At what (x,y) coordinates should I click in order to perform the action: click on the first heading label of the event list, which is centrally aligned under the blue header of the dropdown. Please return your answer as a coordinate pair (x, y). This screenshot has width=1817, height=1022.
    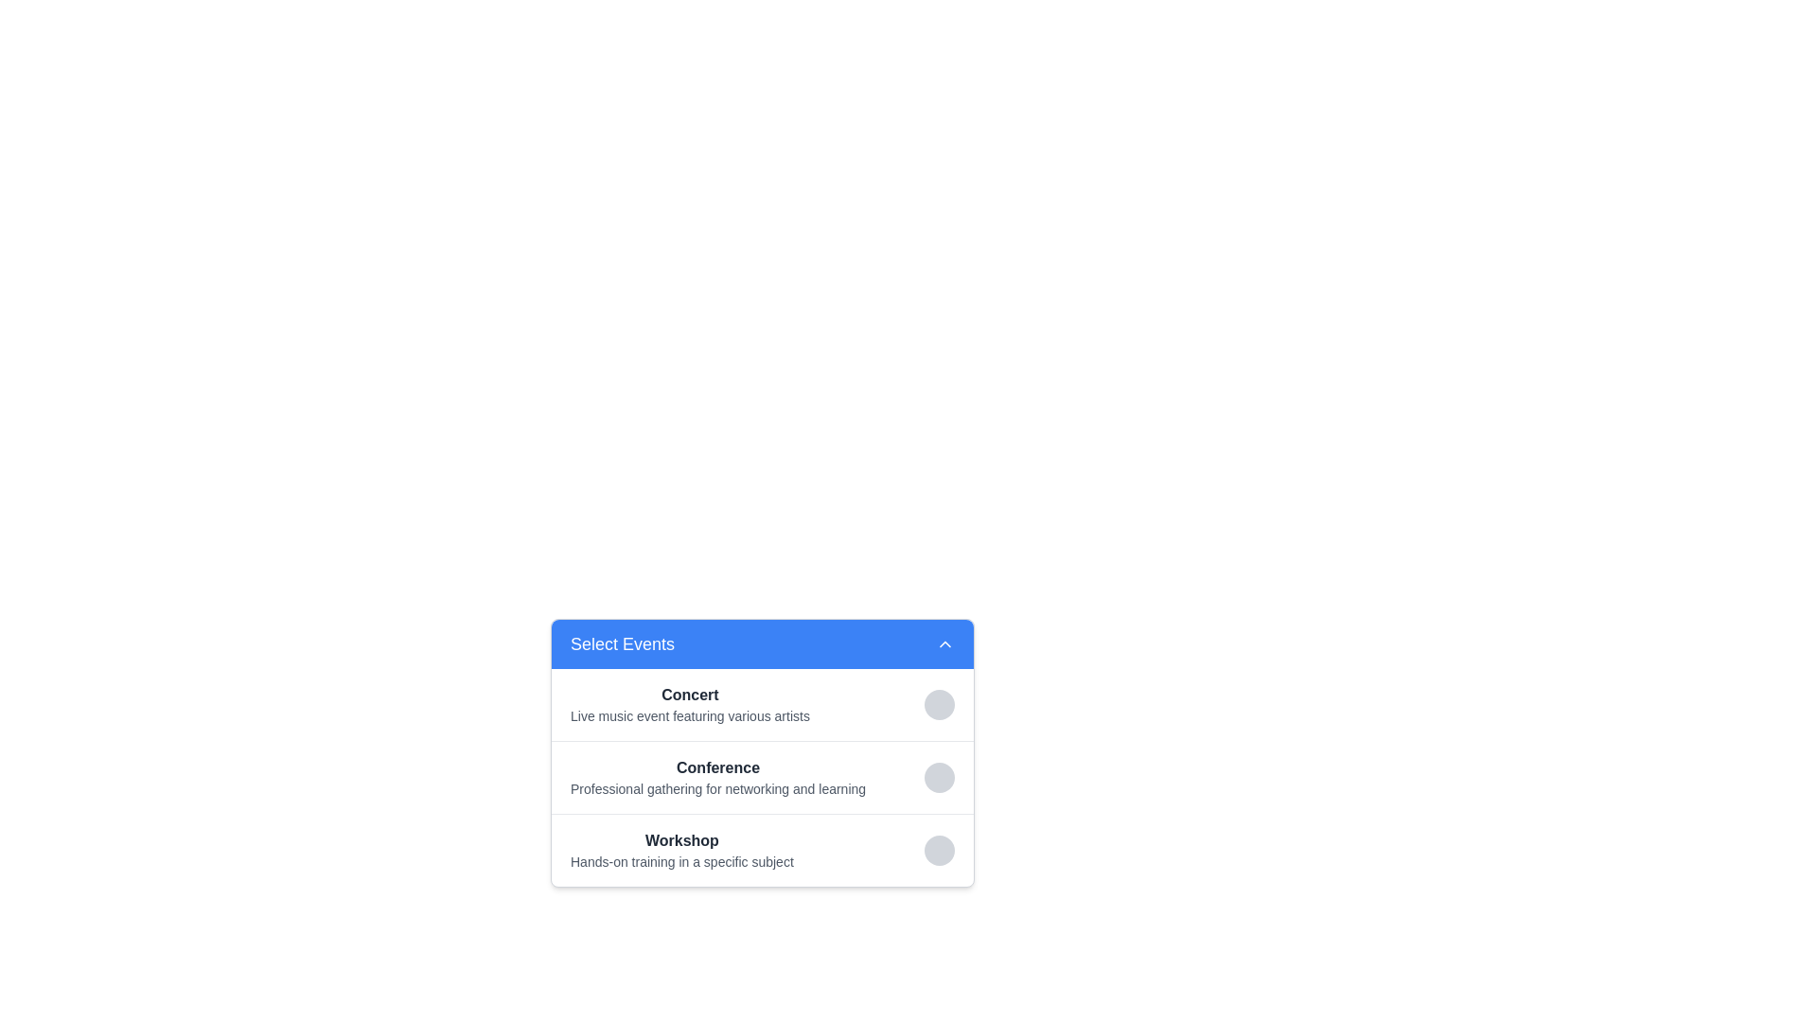
    Looking at the image, I should click on (689, 696).